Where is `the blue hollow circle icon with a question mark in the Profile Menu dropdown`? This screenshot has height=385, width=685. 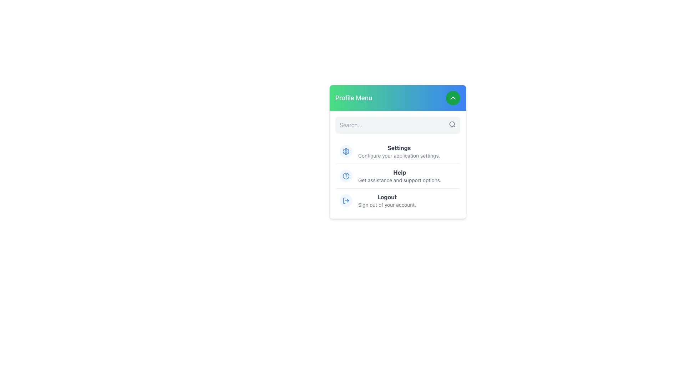 the blue hollow circle icon with a question mark in the Profile Menu dropdown is located at coordinates (346, 176).